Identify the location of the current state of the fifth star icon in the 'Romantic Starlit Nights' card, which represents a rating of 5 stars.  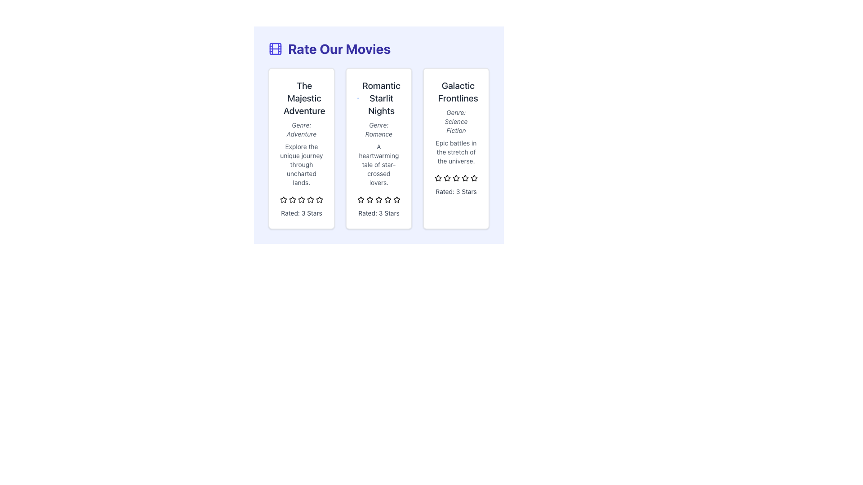
(379, 199).